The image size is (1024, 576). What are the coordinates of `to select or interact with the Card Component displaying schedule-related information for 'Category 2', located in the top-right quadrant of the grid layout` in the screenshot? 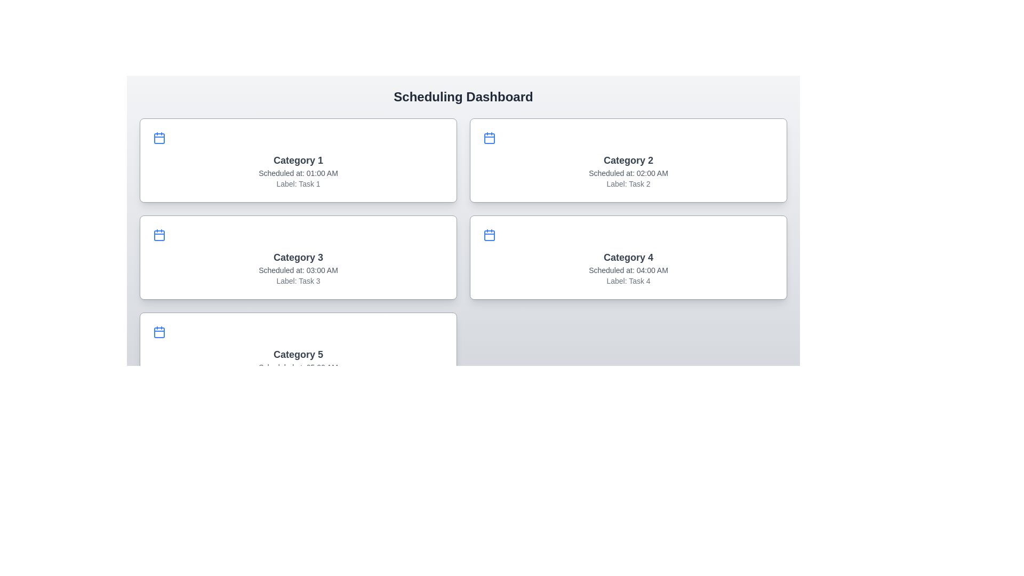 It's located at (628, 160).